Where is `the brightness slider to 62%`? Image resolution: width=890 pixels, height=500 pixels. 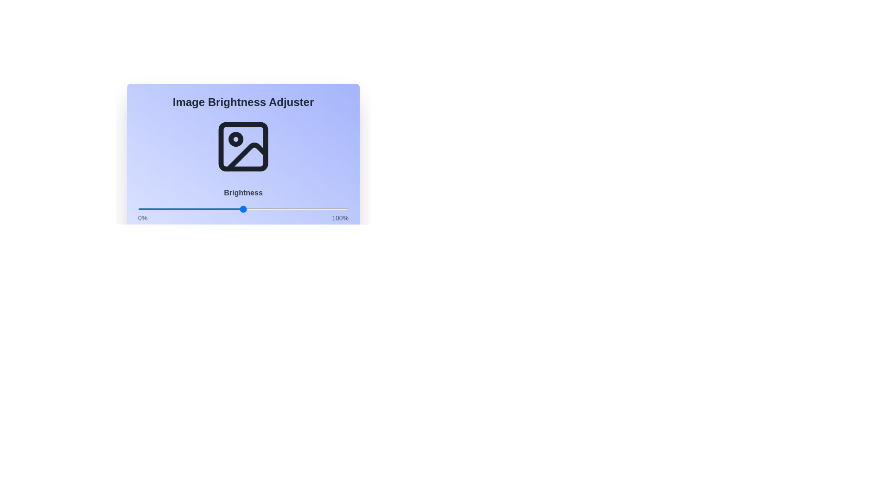
the brightness slider to 62% is located at coordinates (268, 209).